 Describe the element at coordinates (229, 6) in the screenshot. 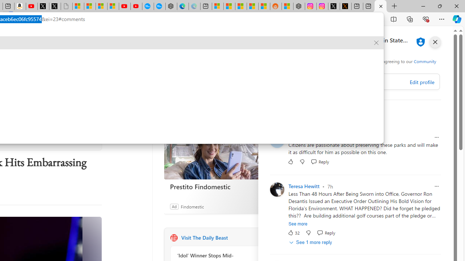

I see `'Shanghai, China weather forecast | Microsoft Weather'` at that location.